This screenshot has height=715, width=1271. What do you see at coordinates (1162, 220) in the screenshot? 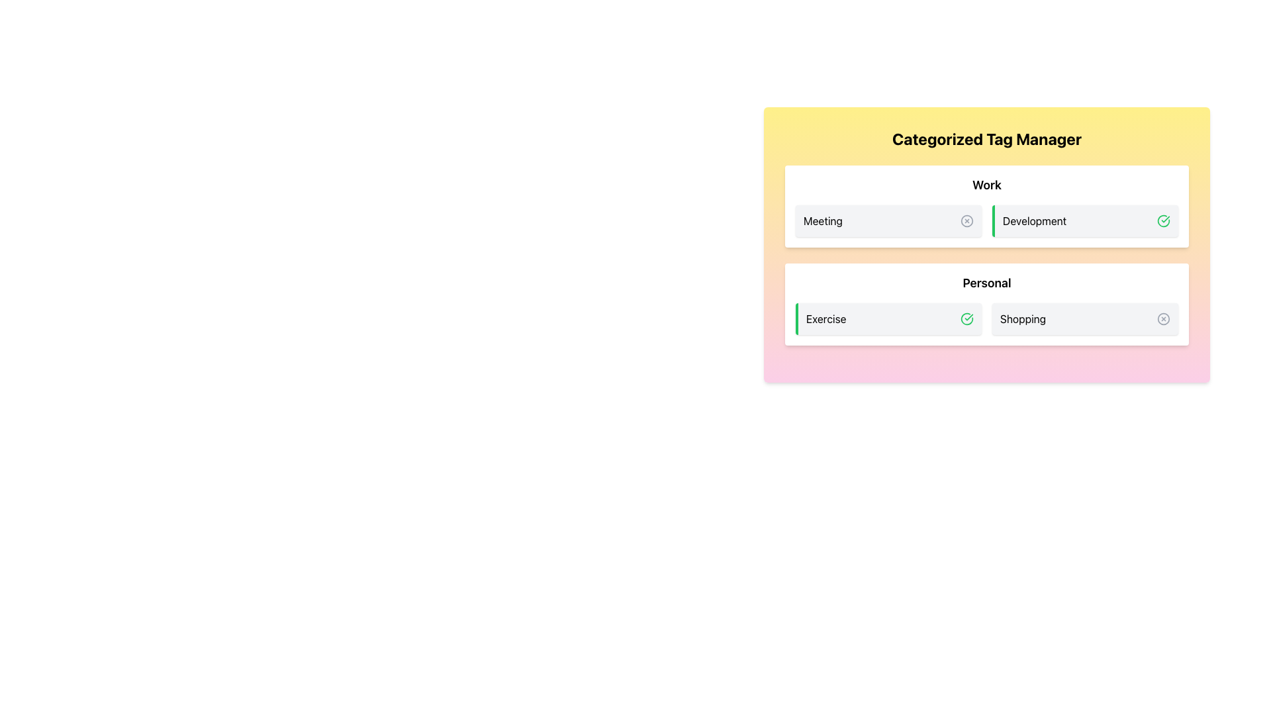
I see `the status indicator icon located on the far right side of the 'Development' section to engage with its state, if it is interactive` at bounding box center [1162, 220].